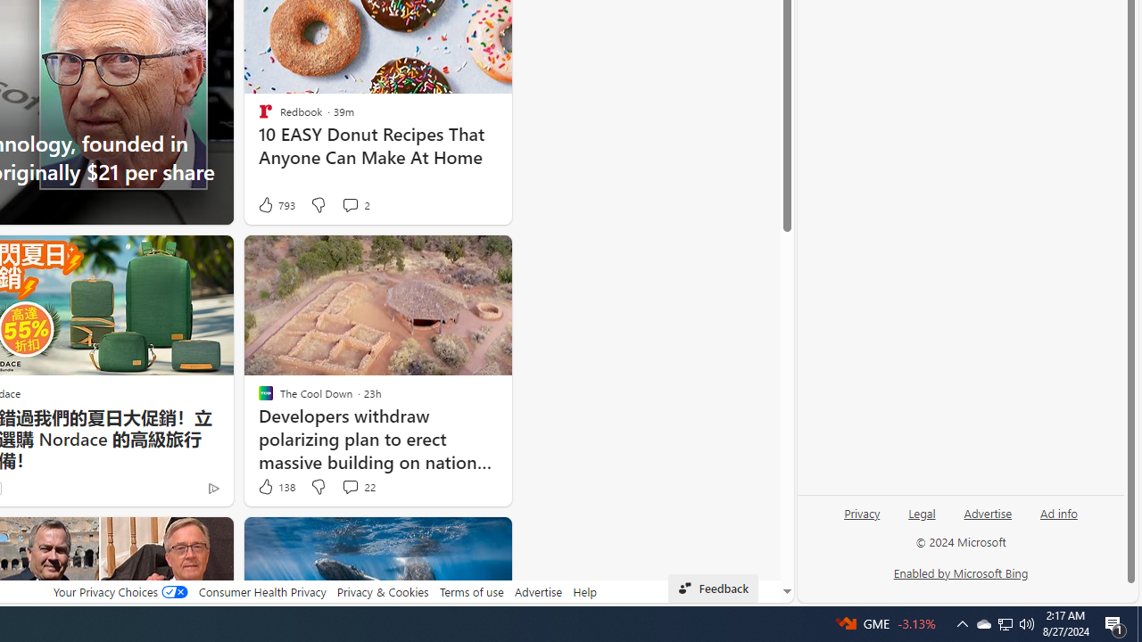  I want to click on 'View comments 22 Comment', so click(350, 486).